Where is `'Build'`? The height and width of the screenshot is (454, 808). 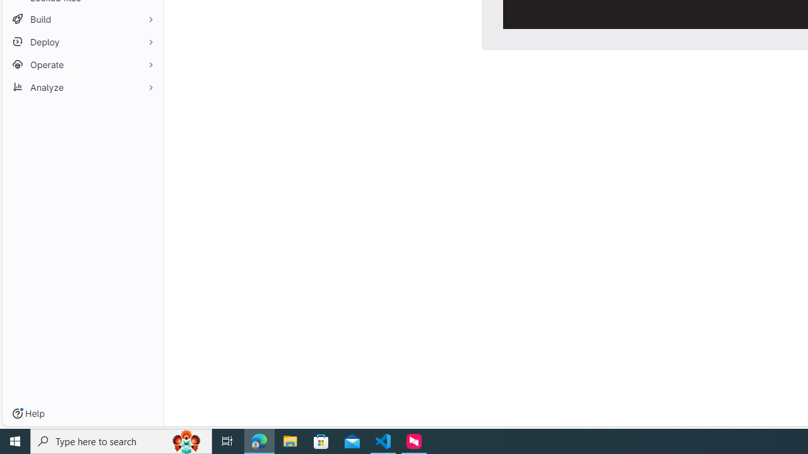
'Build' is located at coordinates (82, 19).